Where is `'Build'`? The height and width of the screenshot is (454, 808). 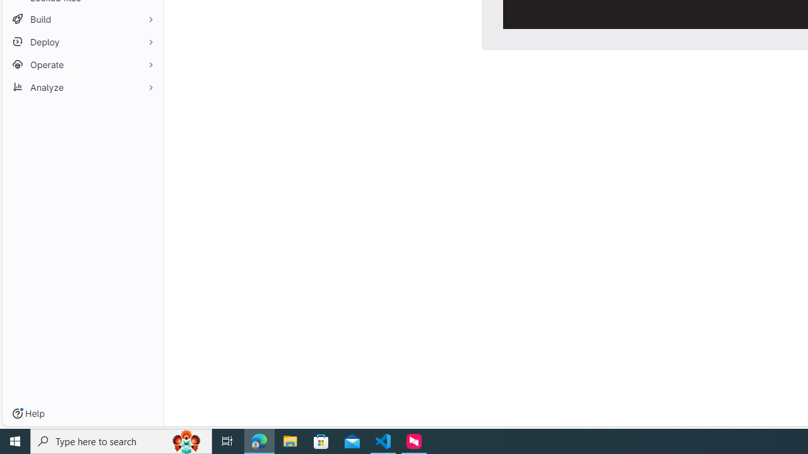
'Build' is located at coordinates (82, 19).